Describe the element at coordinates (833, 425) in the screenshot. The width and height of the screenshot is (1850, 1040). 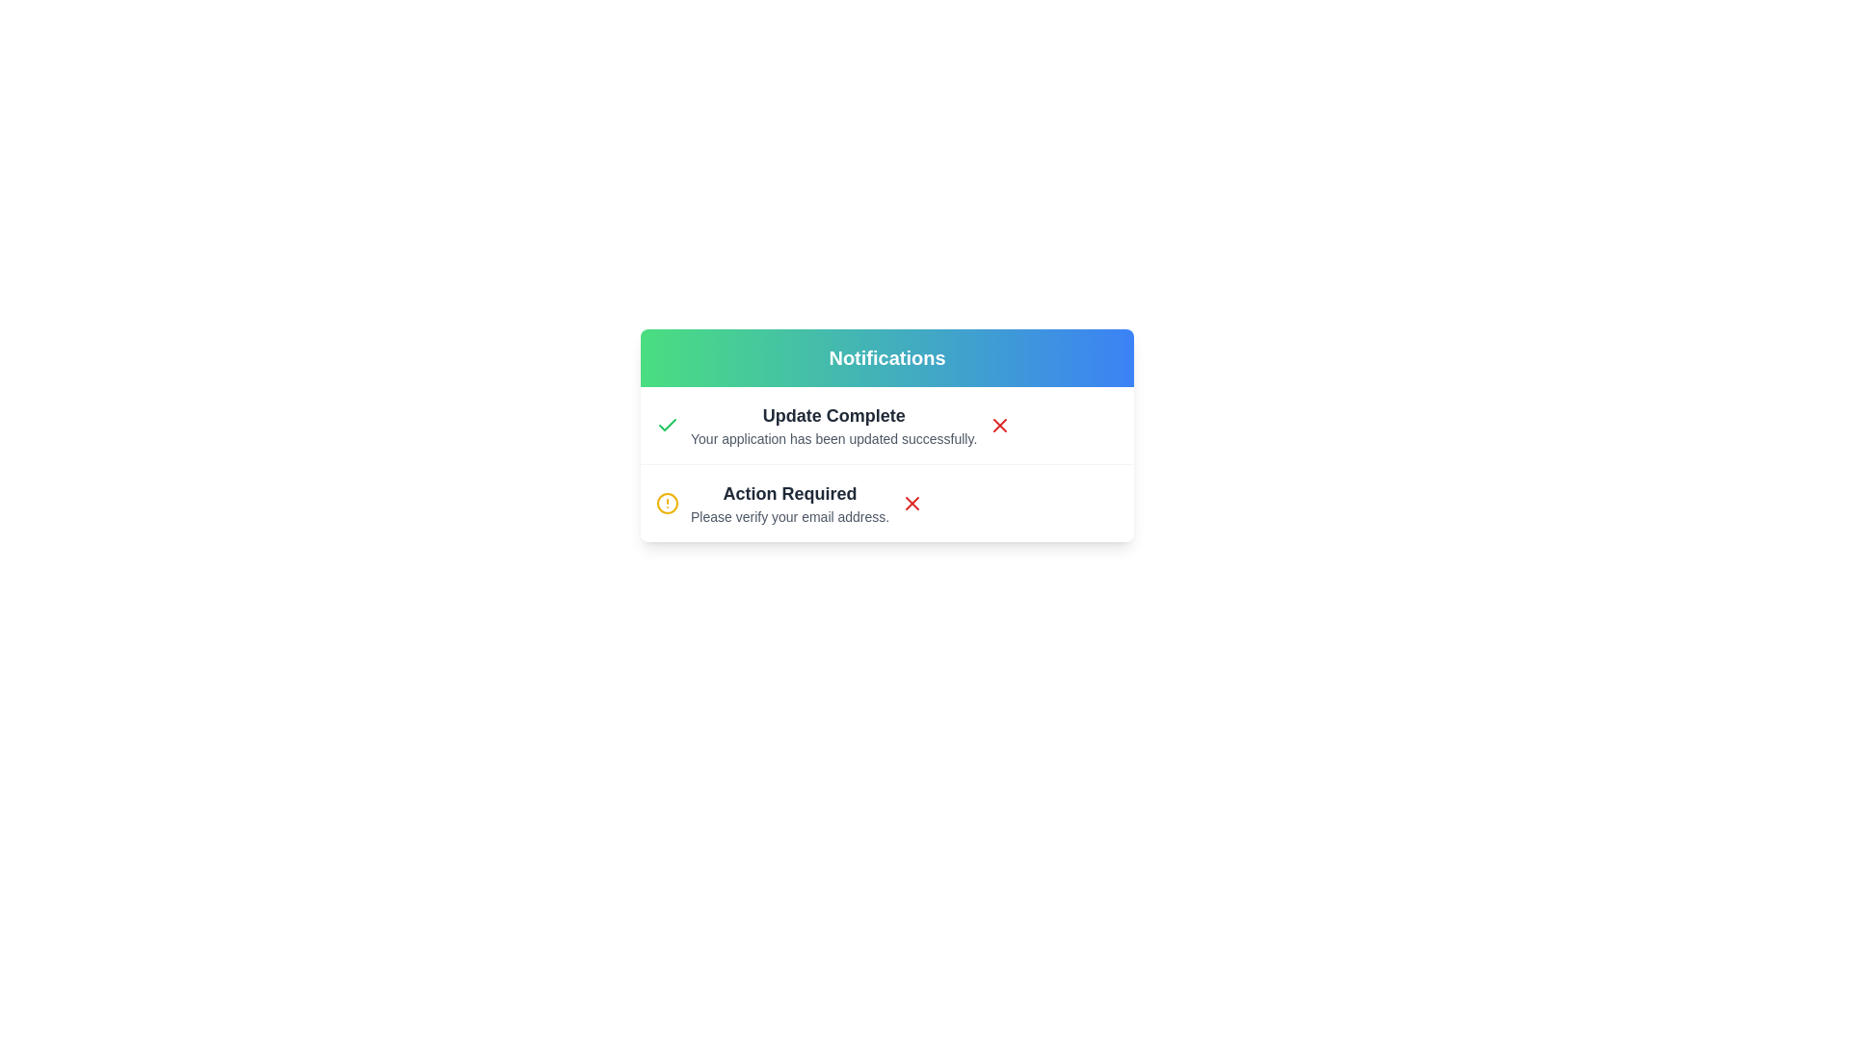
I see `the text block that displays 'Update Complete' with the description 'Your application has been updated successfully', located in the central region of the dialog box under 'Notifications'` at that location.